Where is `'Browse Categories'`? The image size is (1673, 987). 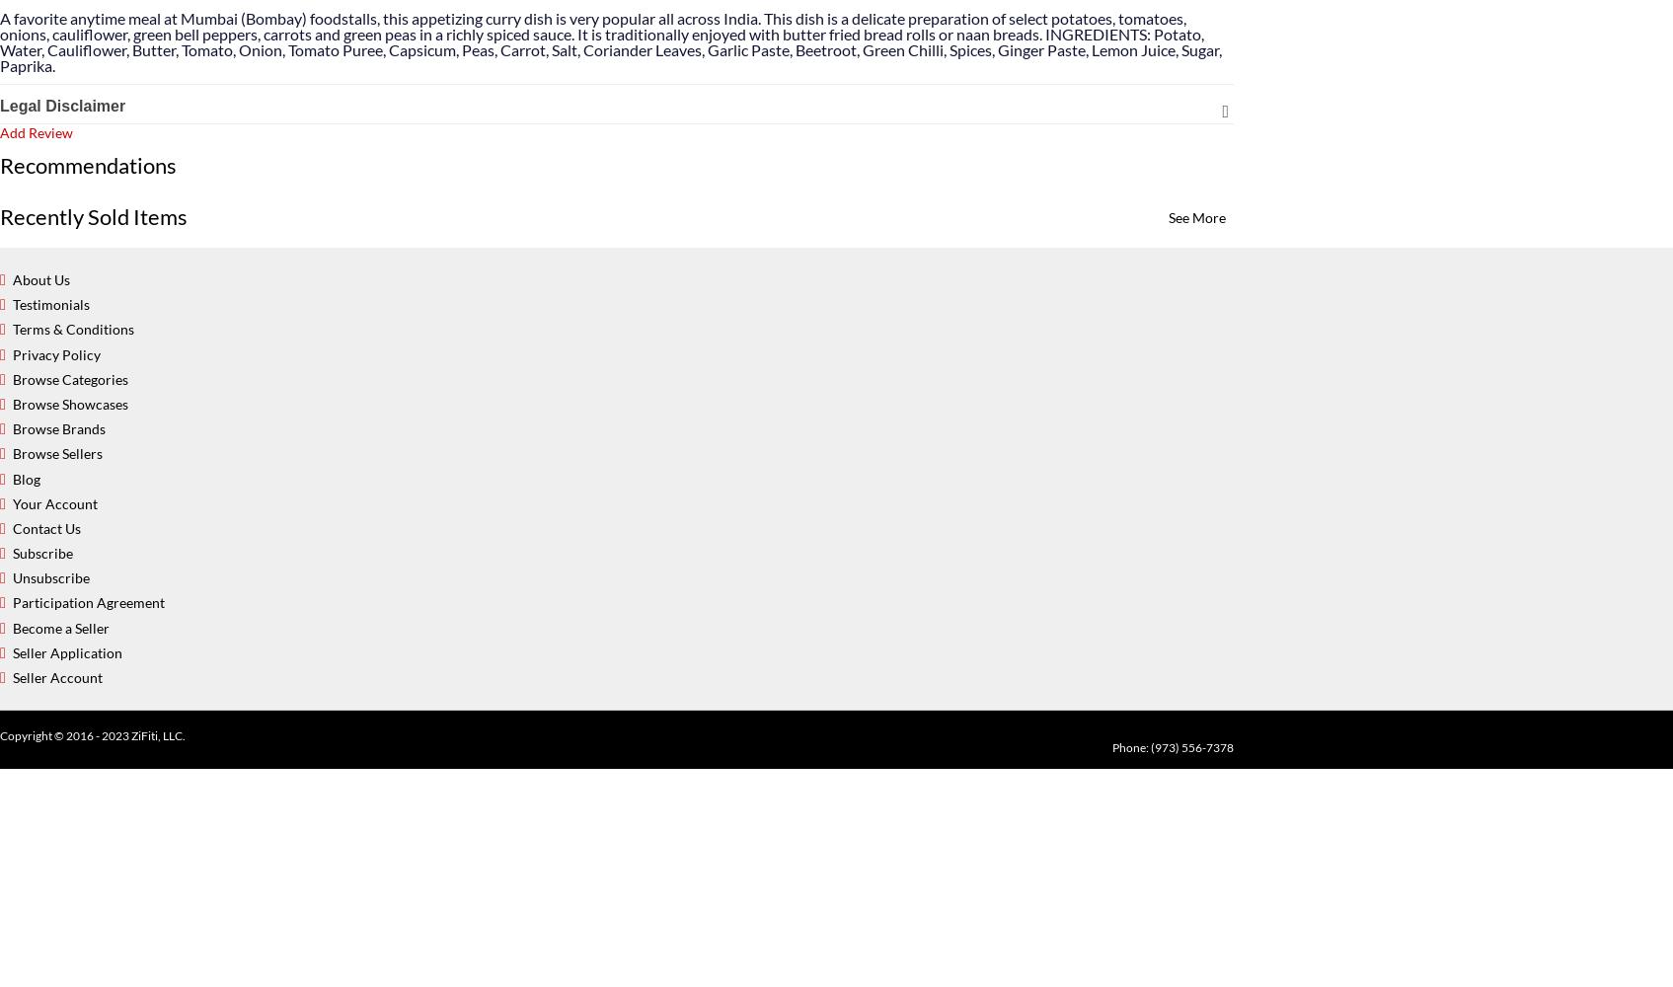 'Browse Categories' is located at coordinates (12, 378).